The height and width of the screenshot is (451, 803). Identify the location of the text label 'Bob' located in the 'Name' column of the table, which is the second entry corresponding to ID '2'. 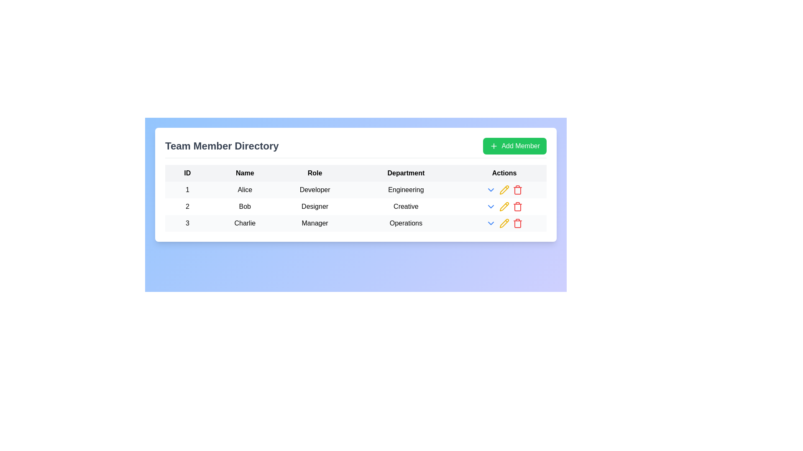
(244, 206).